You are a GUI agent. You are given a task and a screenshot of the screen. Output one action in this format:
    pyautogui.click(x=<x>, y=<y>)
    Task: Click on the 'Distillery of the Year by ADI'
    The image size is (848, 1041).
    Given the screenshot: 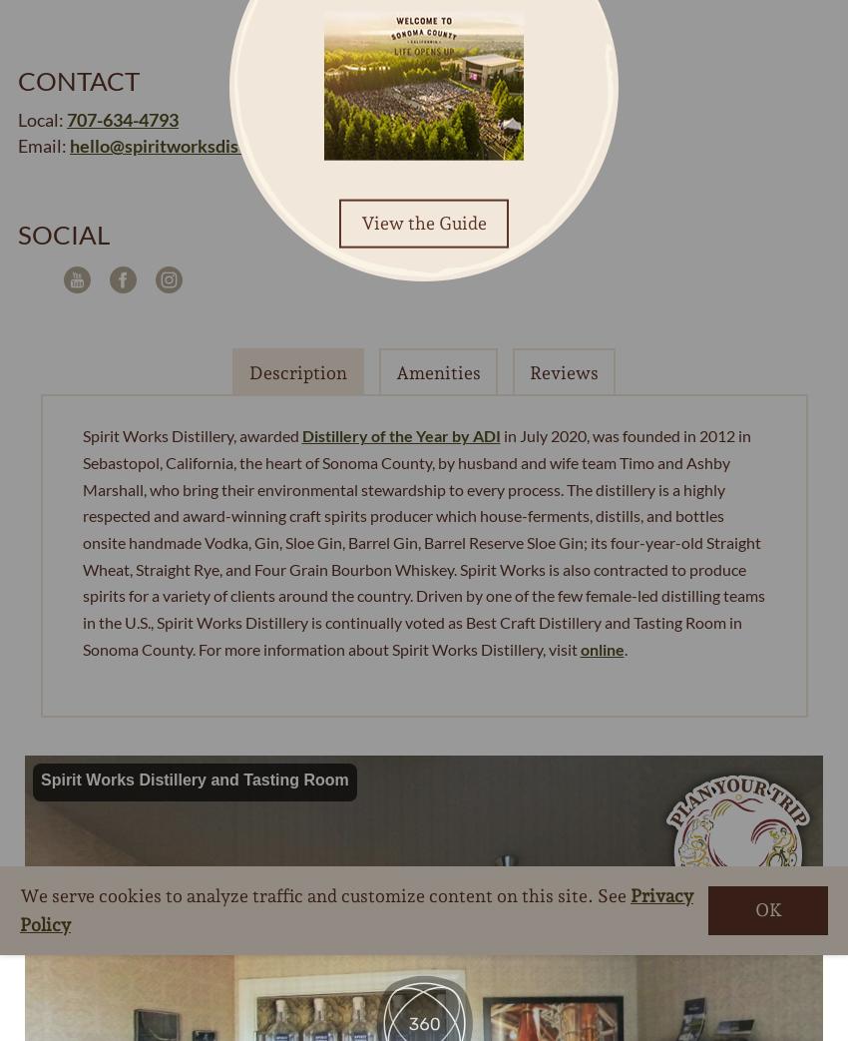 What is the action you would take?
    pyautogui.click(x=400, y=435)
    